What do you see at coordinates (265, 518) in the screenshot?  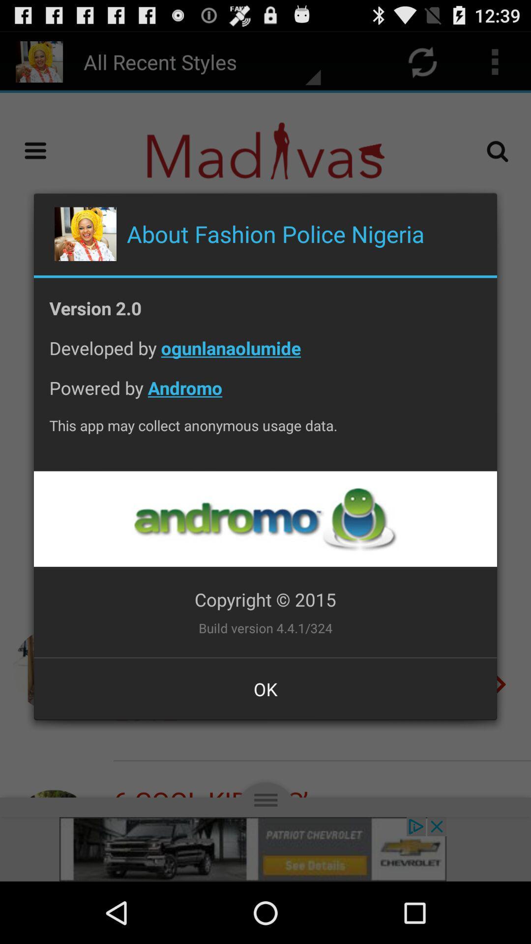 I see `the app below this app may icon` at bounding box center [265, 518].